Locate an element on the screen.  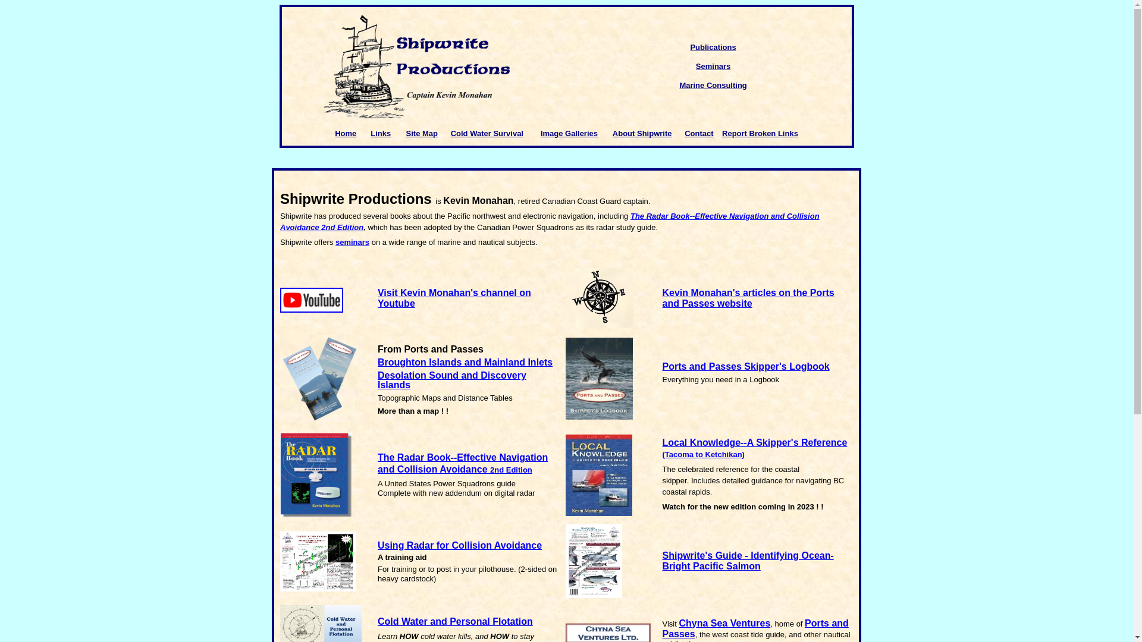
'Cold Water Survival' is located at coordinates (487, 133).